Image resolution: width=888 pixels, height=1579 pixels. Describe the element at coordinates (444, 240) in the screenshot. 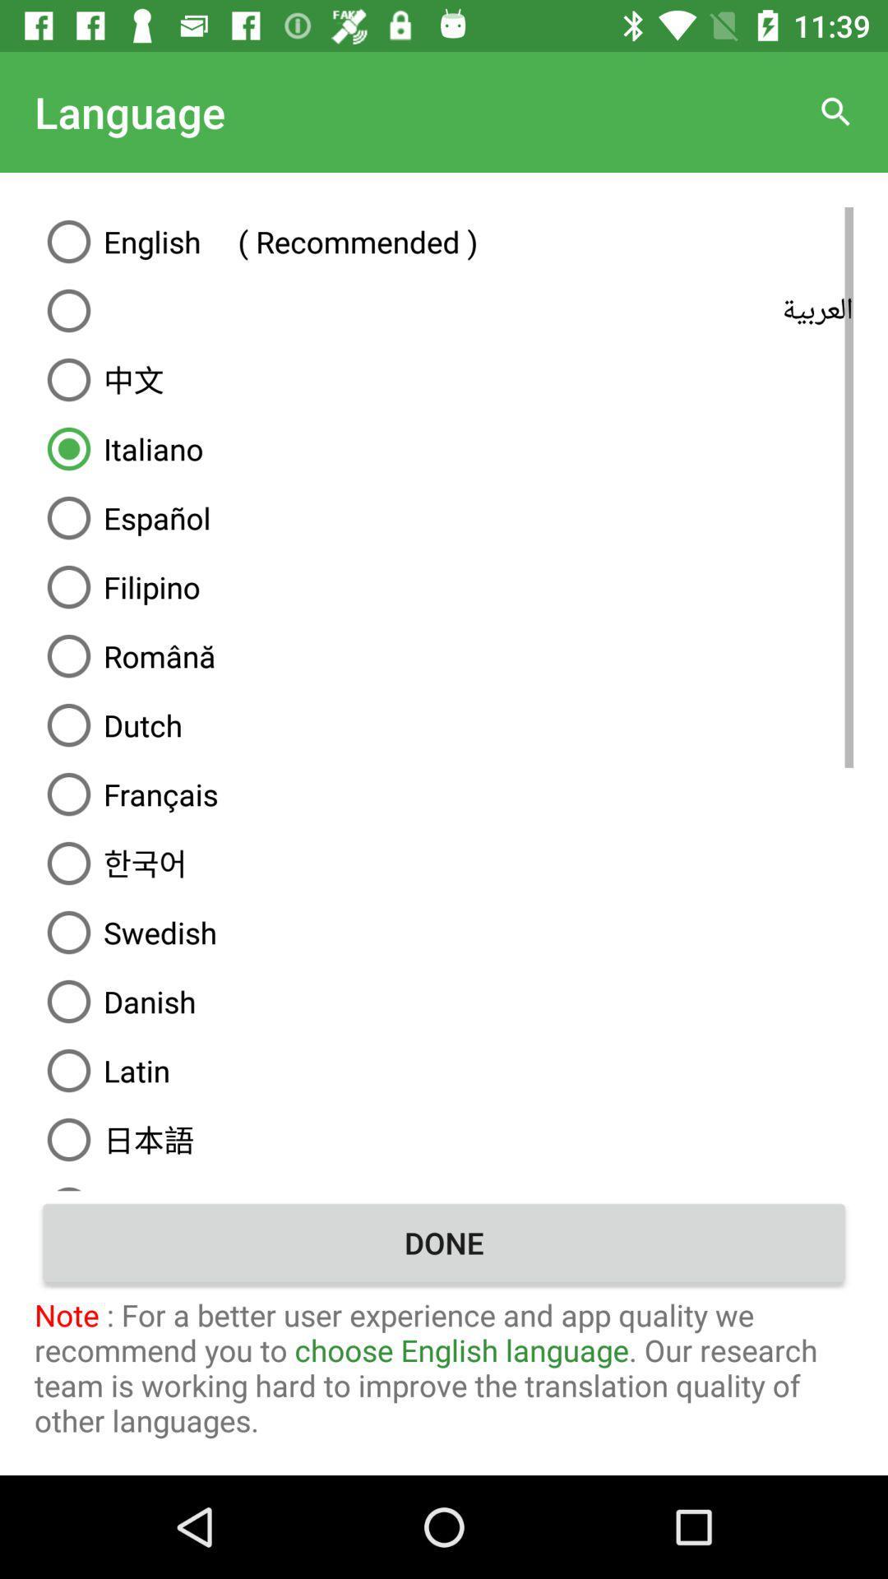

I see `english     ( recommended )` at that location.